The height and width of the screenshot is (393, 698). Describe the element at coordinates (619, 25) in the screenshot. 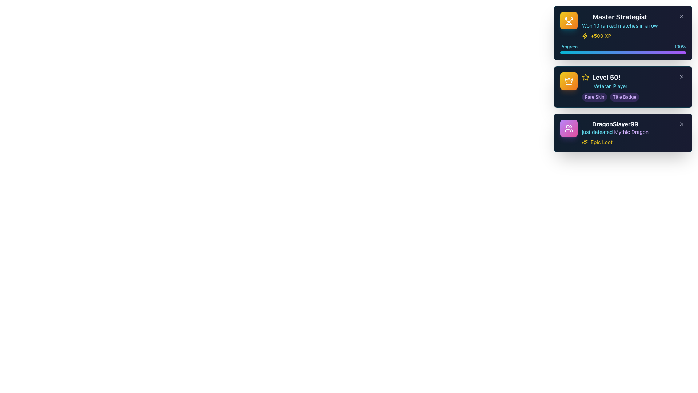

I see `the text label that conveys the achievement's description, situated between the title 'Master Strategist' and the reward indicator '+500 XP' in the first notification card` at that location.